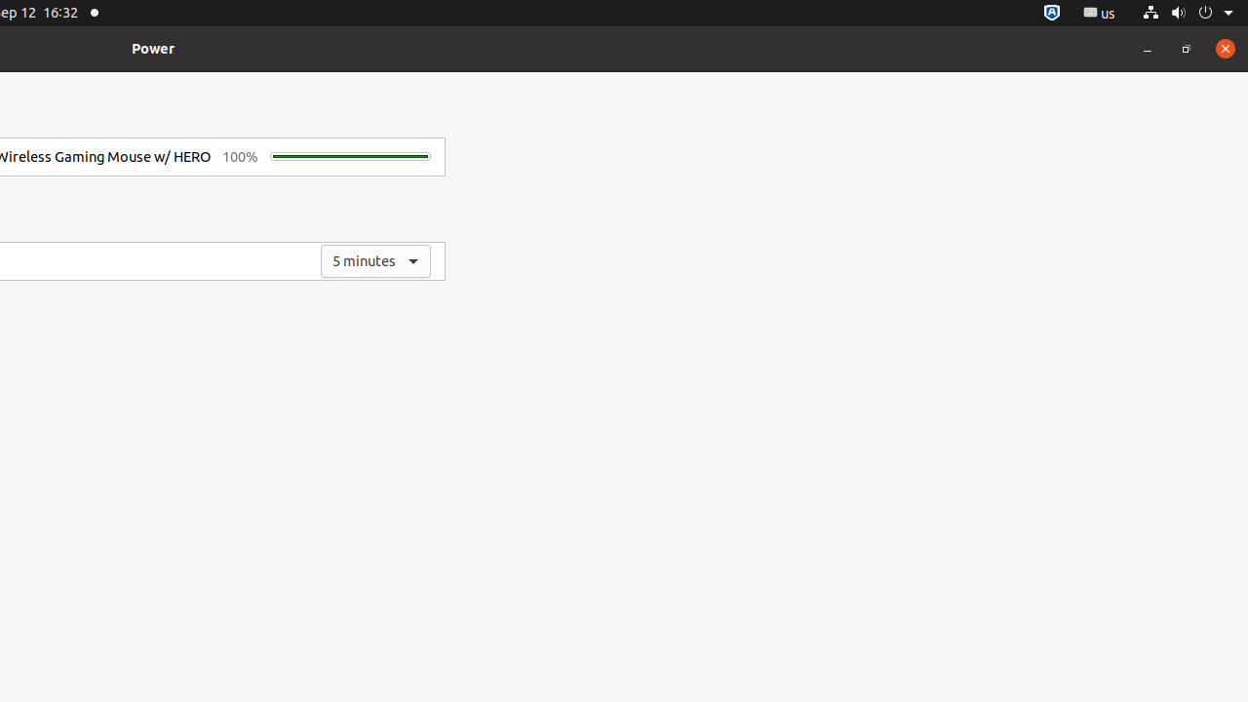 The height and width of the screenshot is (702, 1248). What do you see at coordinates (1186, 47) in the screenshot?
I see `'Restore'` at bounding box center [1186, 47].